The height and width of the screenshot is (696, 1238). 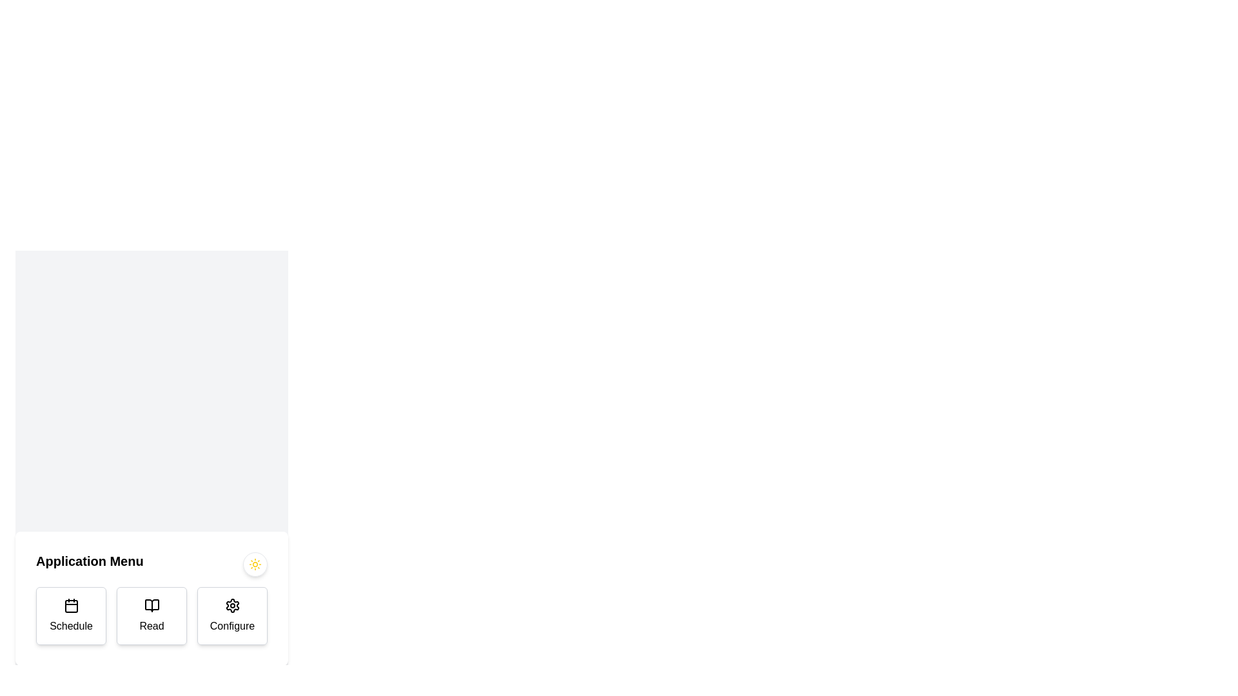 I want to click on the button located between the 'Schedule' button on the left and 'Configure' button on the right, so click(x=152, y=615).